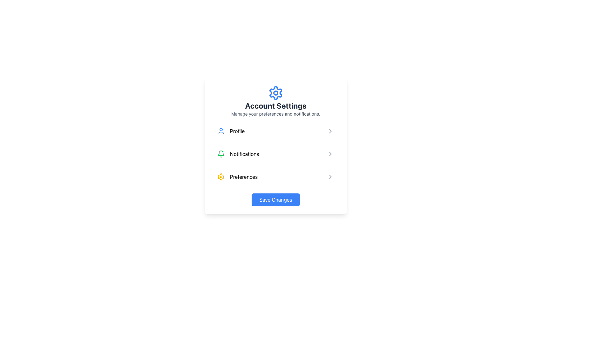  What do you see at coordinates (276, 101) in the screenshot?
I see `the purpose of the 'Account Settings' section` at bounding box center [276, 101].